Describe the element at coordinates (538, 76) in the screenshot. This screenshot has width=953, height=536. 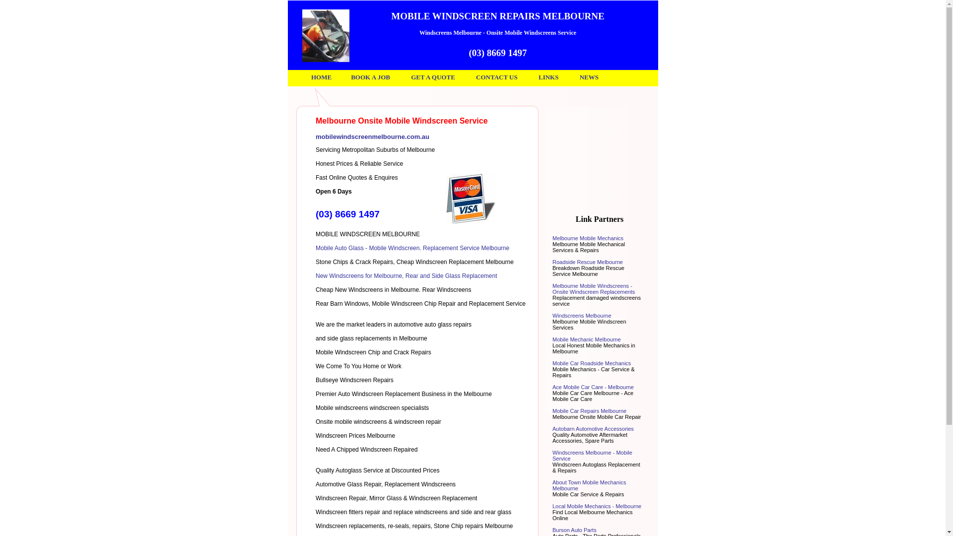
I see `'LINKS'` at that location.